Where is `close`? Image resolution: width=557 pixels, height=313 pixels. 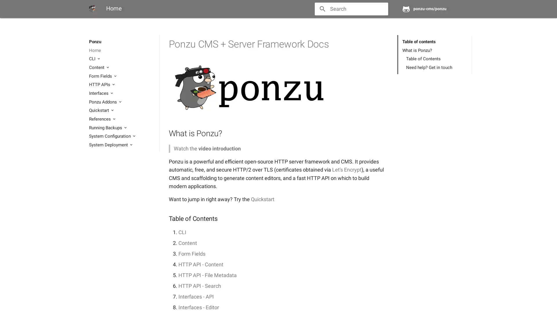 close is located at coordinates (380, 9).